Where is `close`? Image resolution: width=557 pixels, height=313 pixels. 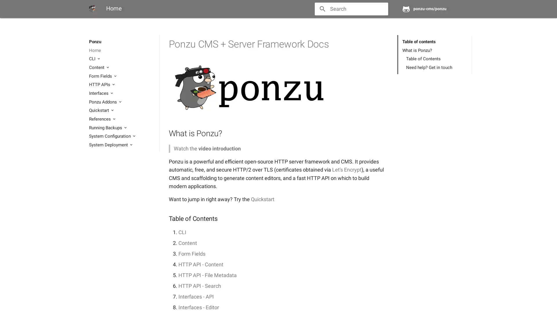 close is located at coordinates (380, 9).